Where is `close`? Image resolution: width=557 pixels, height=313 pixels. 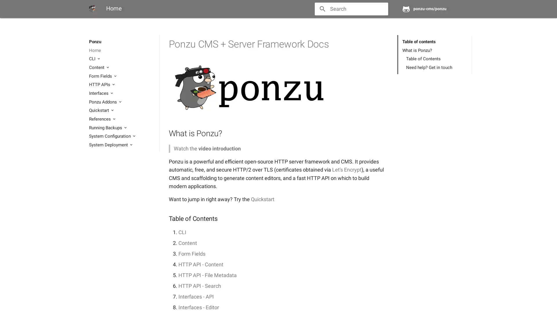 close is located at coordinates (380, 9).